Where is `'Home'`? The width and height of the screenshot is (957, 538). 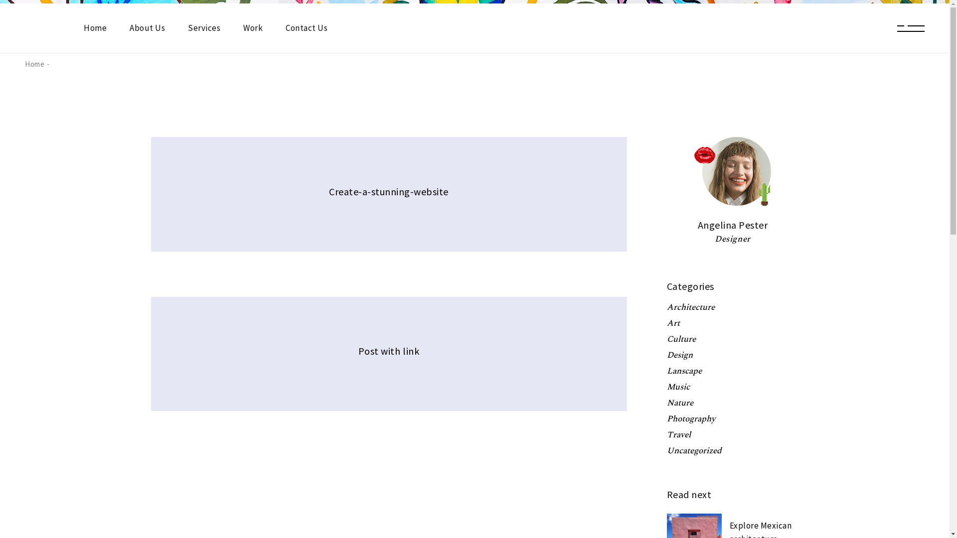 'Home' is located at coordinates (24, 64).